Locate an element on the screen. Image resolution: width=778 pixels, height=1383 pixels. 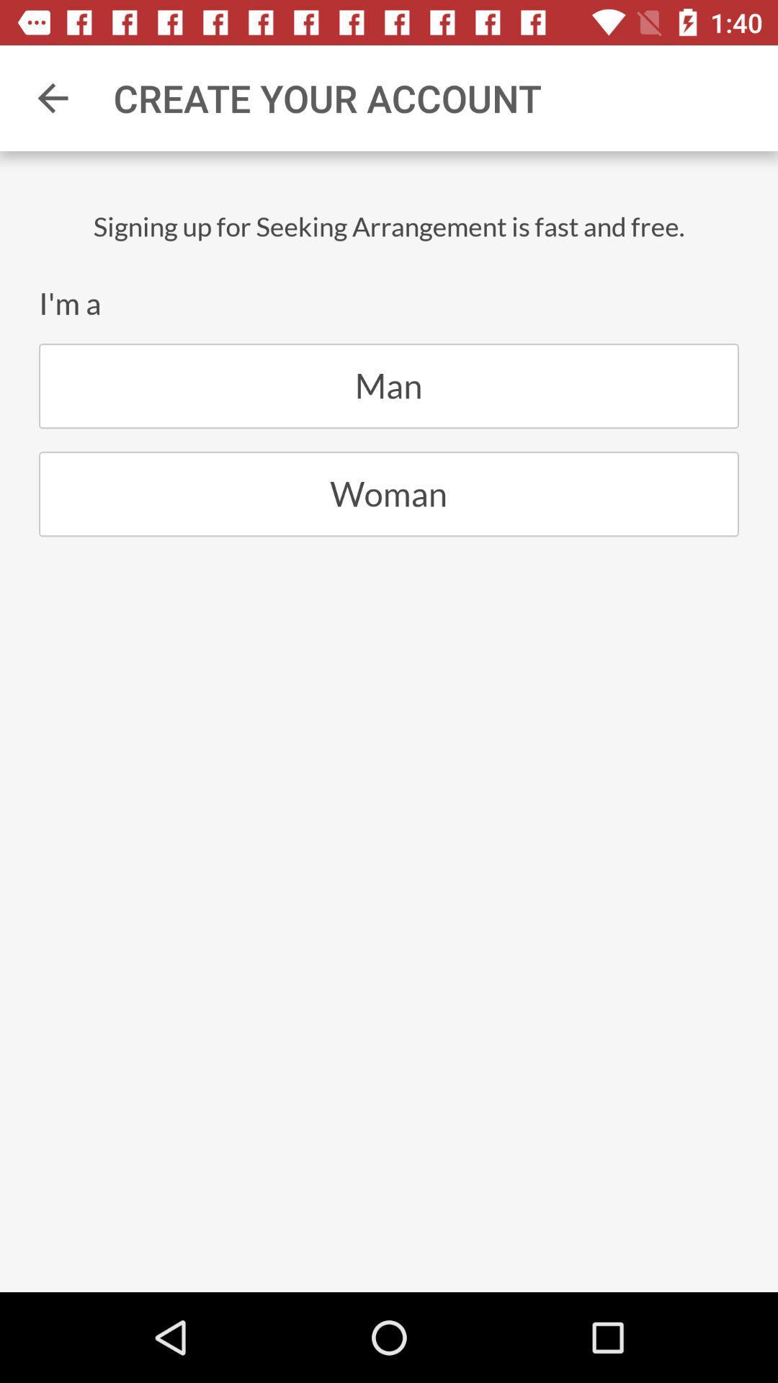
the app to the left of the create your account item is located at coordinates (52, 97).